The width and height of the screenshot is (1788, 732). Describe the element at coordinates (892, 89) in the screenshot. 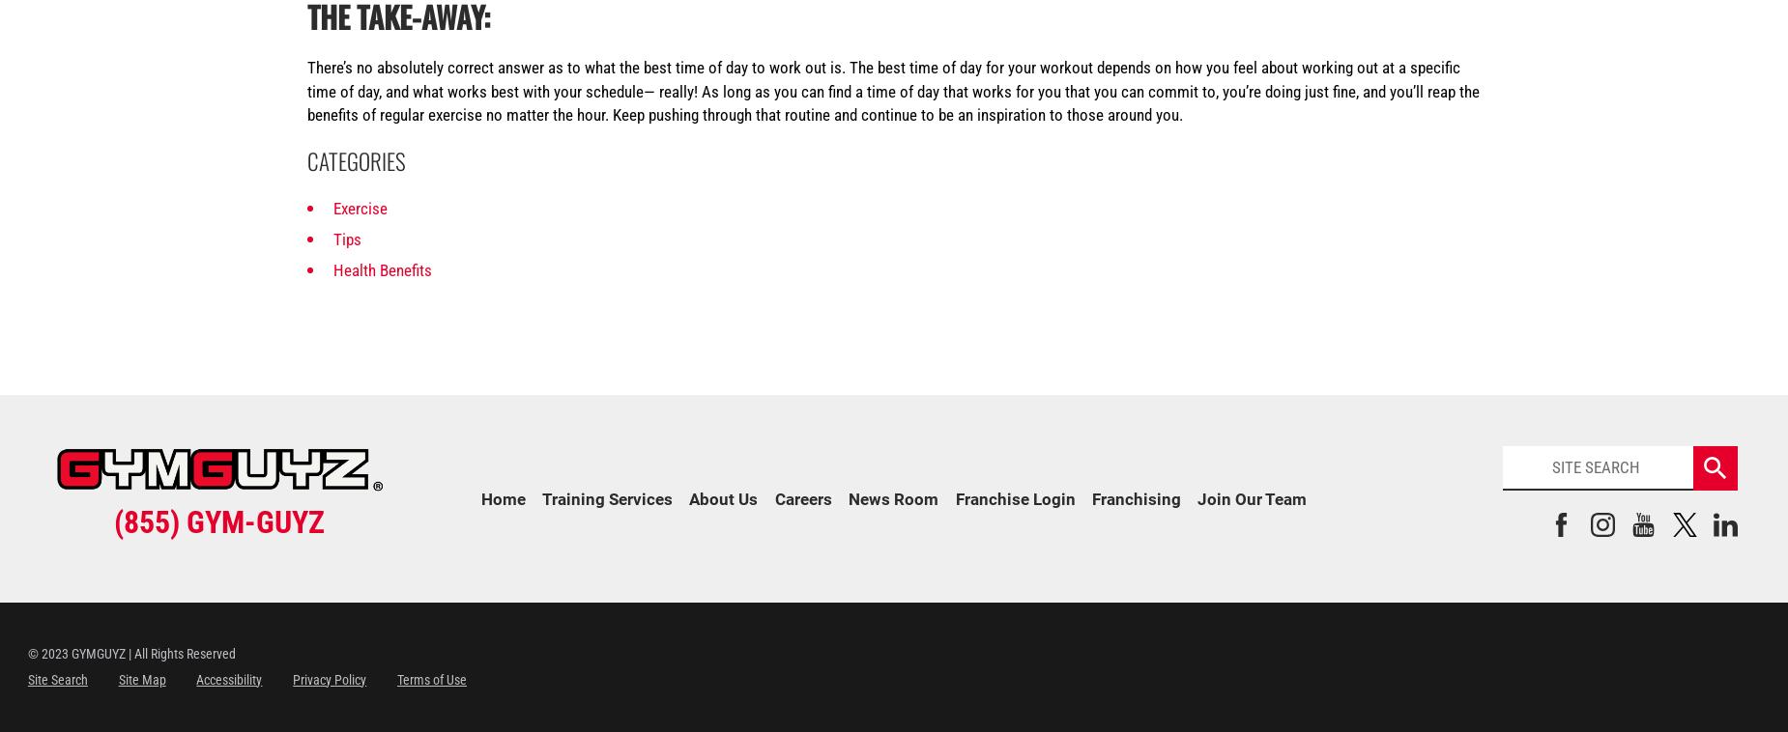

I see `'There’s no absolutely correct answer as to what the best time of day to work out is. The best time of day for your workout depends on how you feel about working out at a specific time of day, and what works best with your schedule— really! As long as you can find a time of day that works for you that you can commit to, you’re doing just fine, and you’ll reap the benefits of regular exercise no matter the hour. Keep pushing through that routine and continue to be an inspiration to those around you.'` at that location.